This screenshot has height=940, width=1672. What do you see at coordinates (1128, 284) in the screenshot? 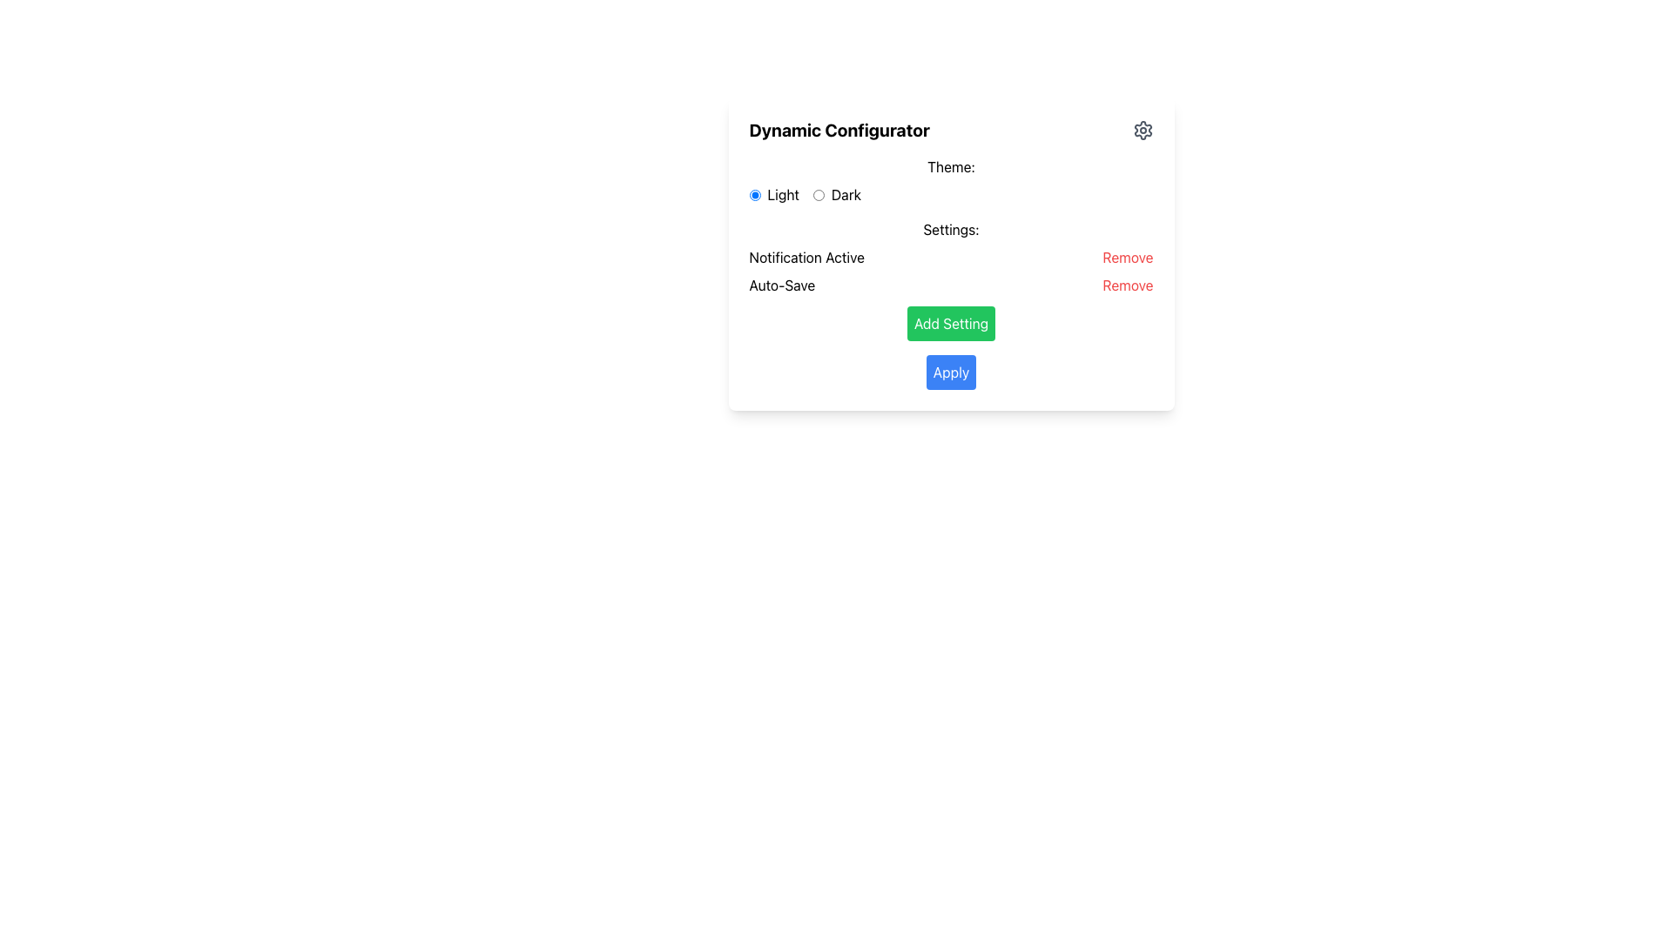
I see `the 'Remove' button styled in red, located to the right of 'Auto-Save' under the 'Settings' in the 'Dynamic Configurator' panel` at bounding box center [1128, 284].